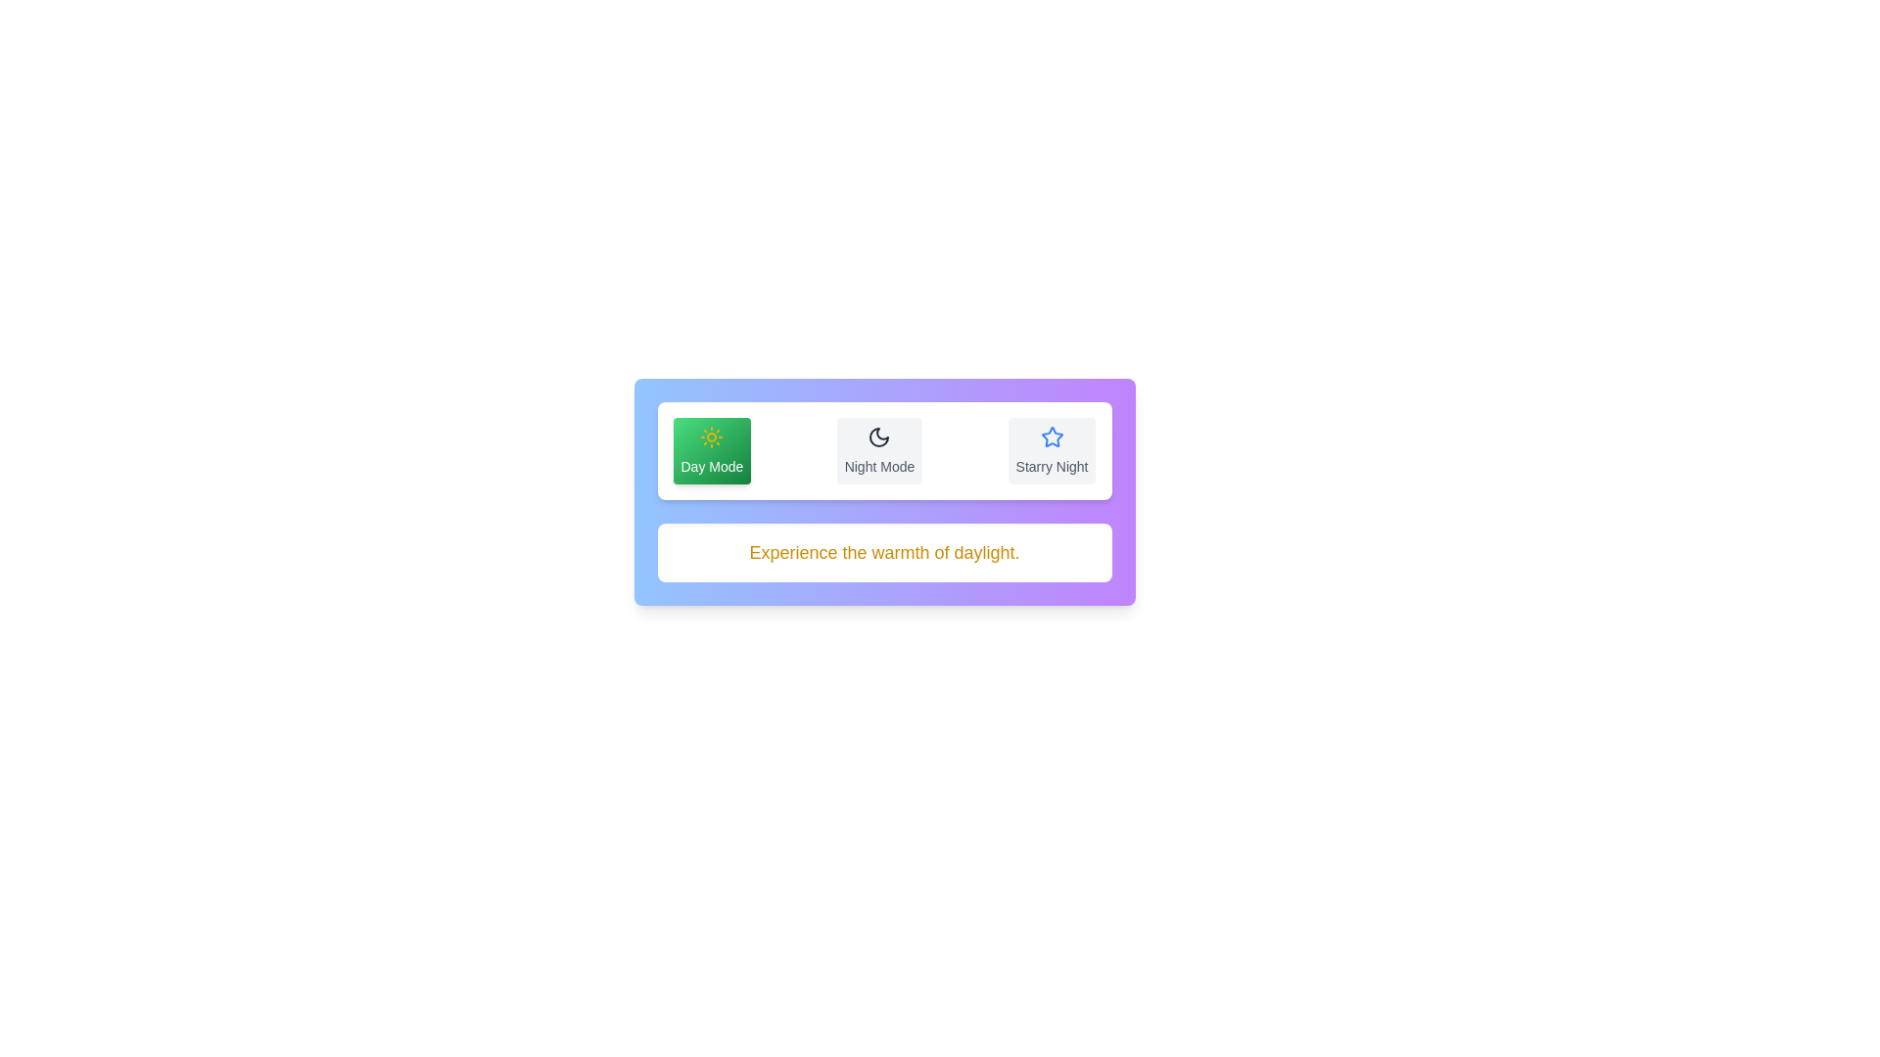 The width and height of the screenshot is (1880, 1057). Describe the element at coordinates (1051, 436) in the screenshot. I see `the blue outlined star icon with a hollow center located in the top right section of the 'Starry Night' interactive card` at that location.